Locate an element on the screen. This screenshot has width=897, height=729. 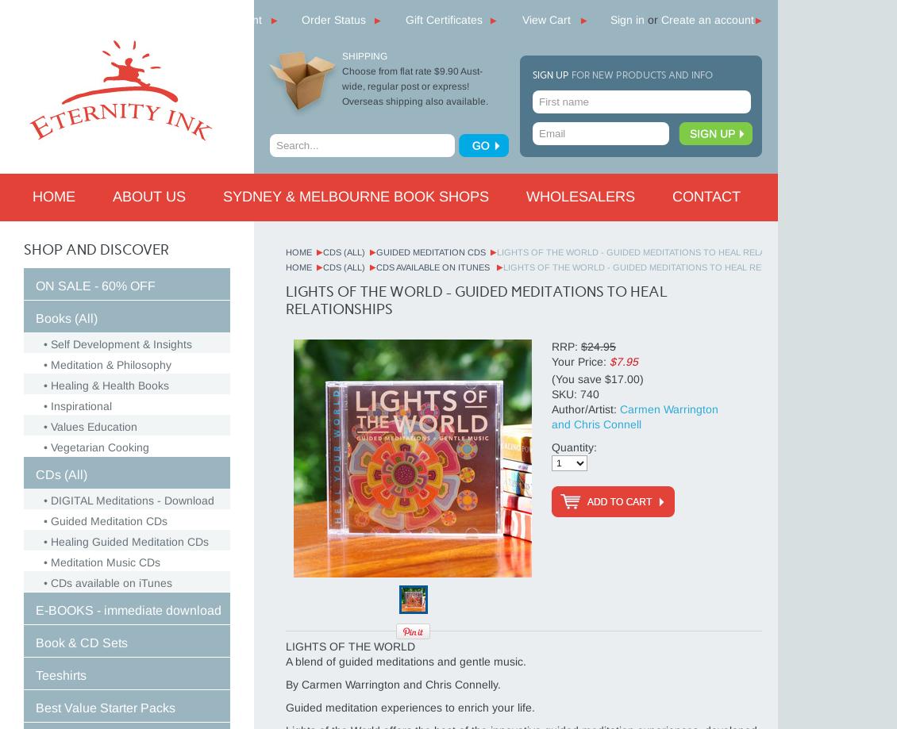
'Quantity:' is located at coordinates (550, 447).